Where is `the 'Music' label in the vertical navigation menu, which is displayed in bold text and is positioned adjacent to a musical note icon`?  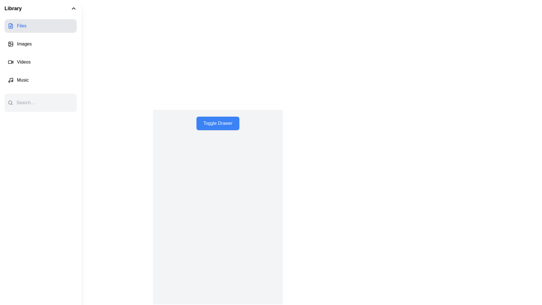 the 'Music' label in the vertical navigation menu, which is displayed in bold text and is positioned adjacent to a musical note icon is located at coordinates (23, 80).